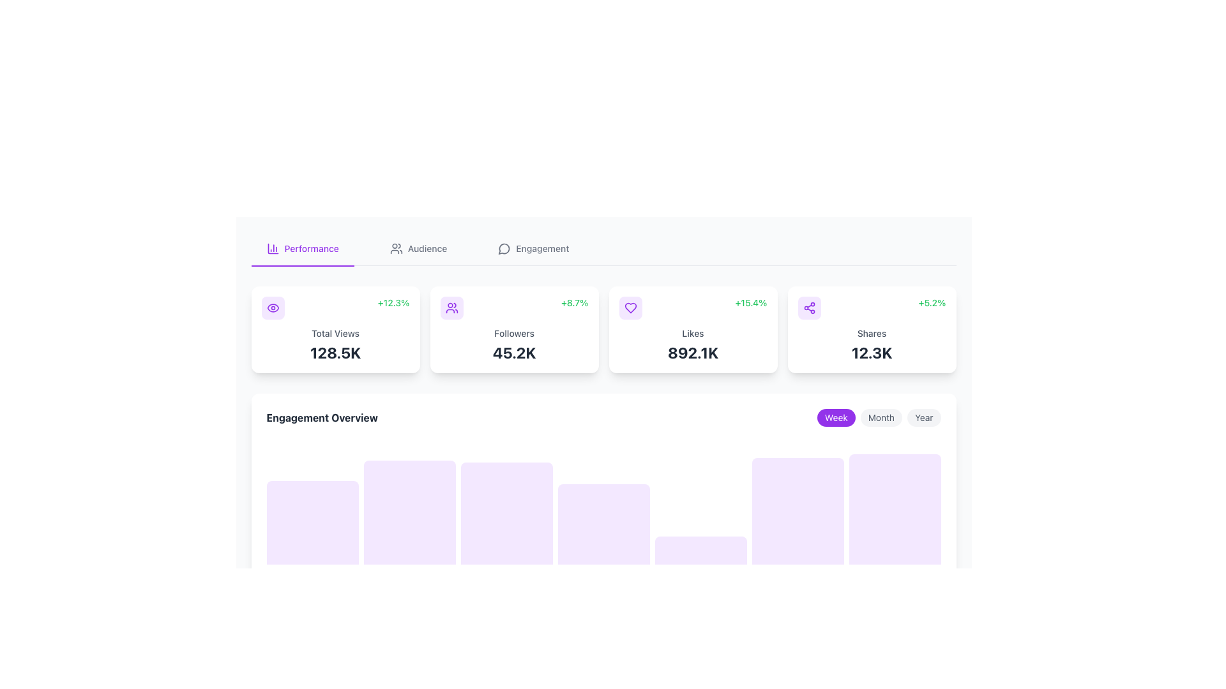 The height and width of the screenshot is (689, 1226). I want to click on the 'Followers' static text label, which is centrally aligned in the second card from the left in the top row of the dashboard, located beneath the increase percentage icon and above the numeric representation of '45.2K', so click(514, 333).